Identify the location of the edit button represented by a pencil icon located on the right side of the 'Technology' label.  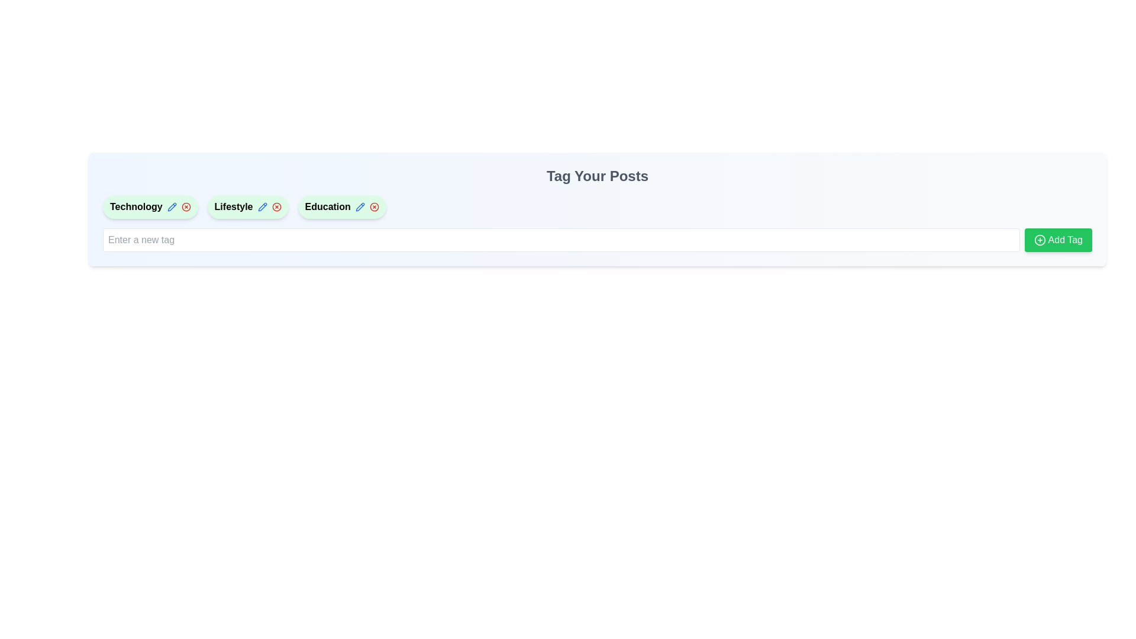
(171, 206).